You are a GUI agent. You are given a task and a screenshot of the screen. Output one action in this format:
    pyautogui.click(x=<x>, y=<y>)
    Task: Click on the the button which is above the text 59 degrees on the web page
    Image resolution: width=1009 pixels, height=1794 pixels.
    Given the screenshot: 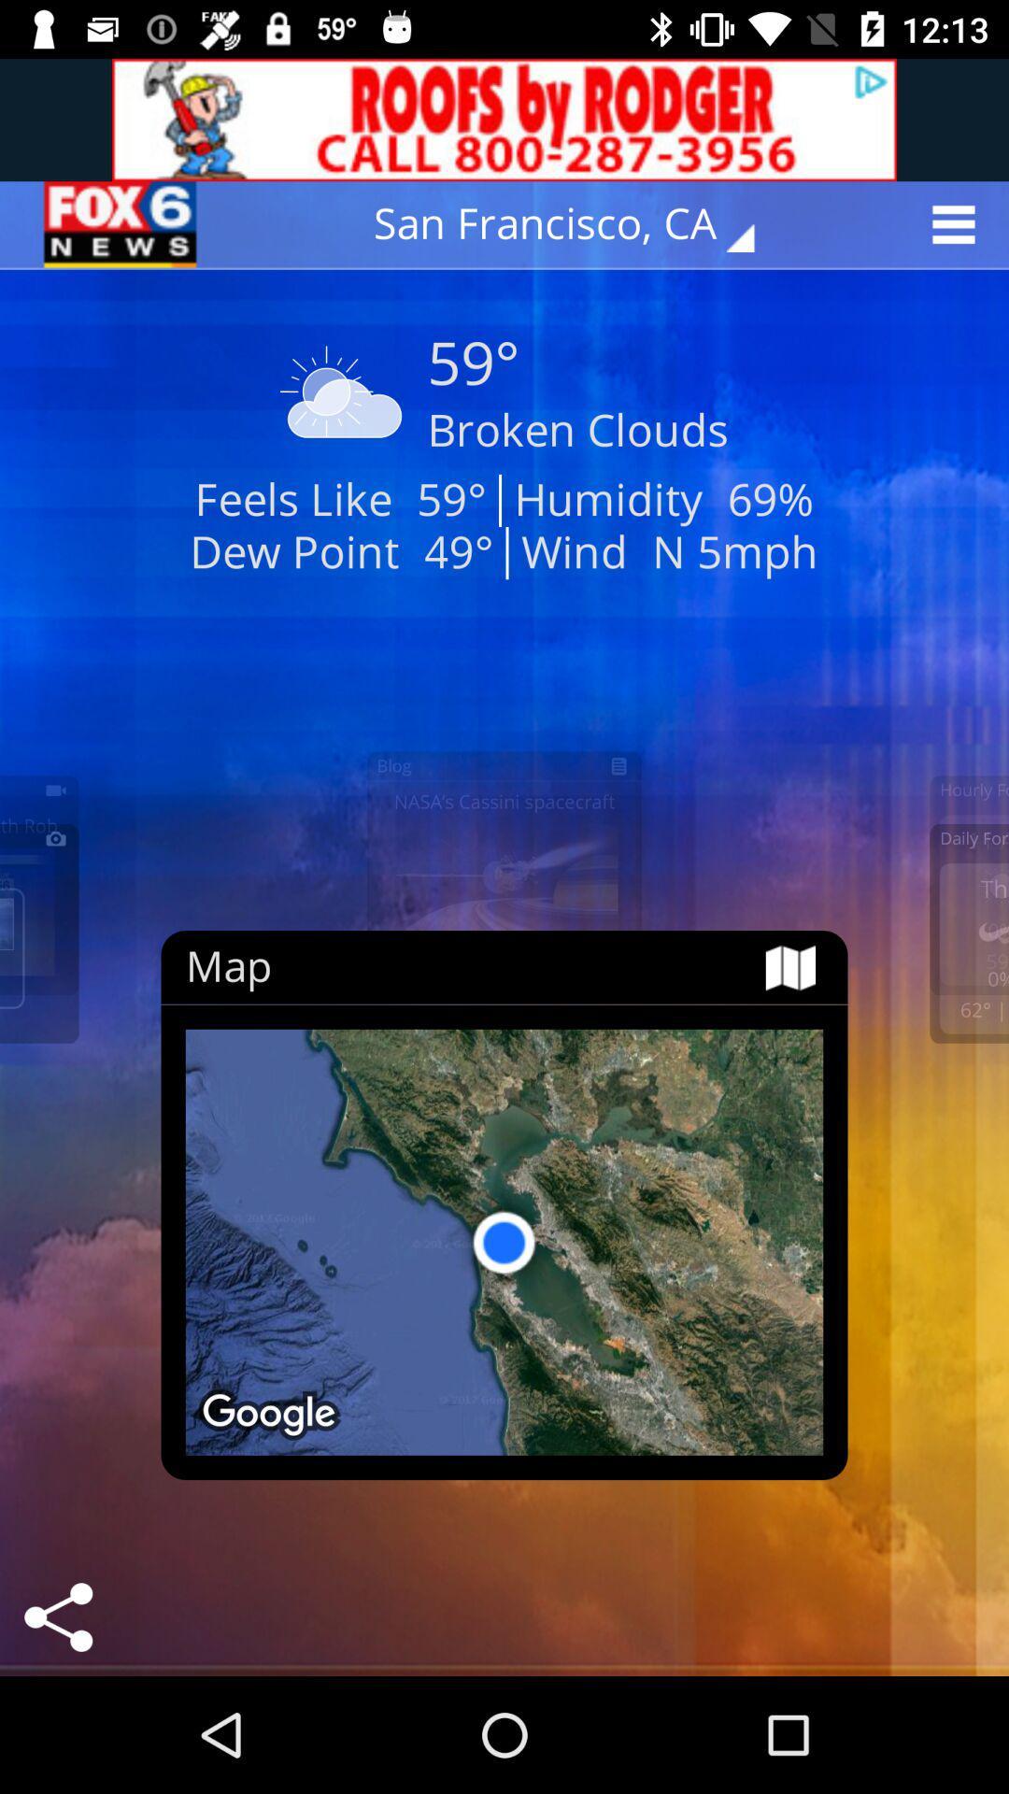 What is the action you would take?
    pyautogui.click(x=576, y=224)
    